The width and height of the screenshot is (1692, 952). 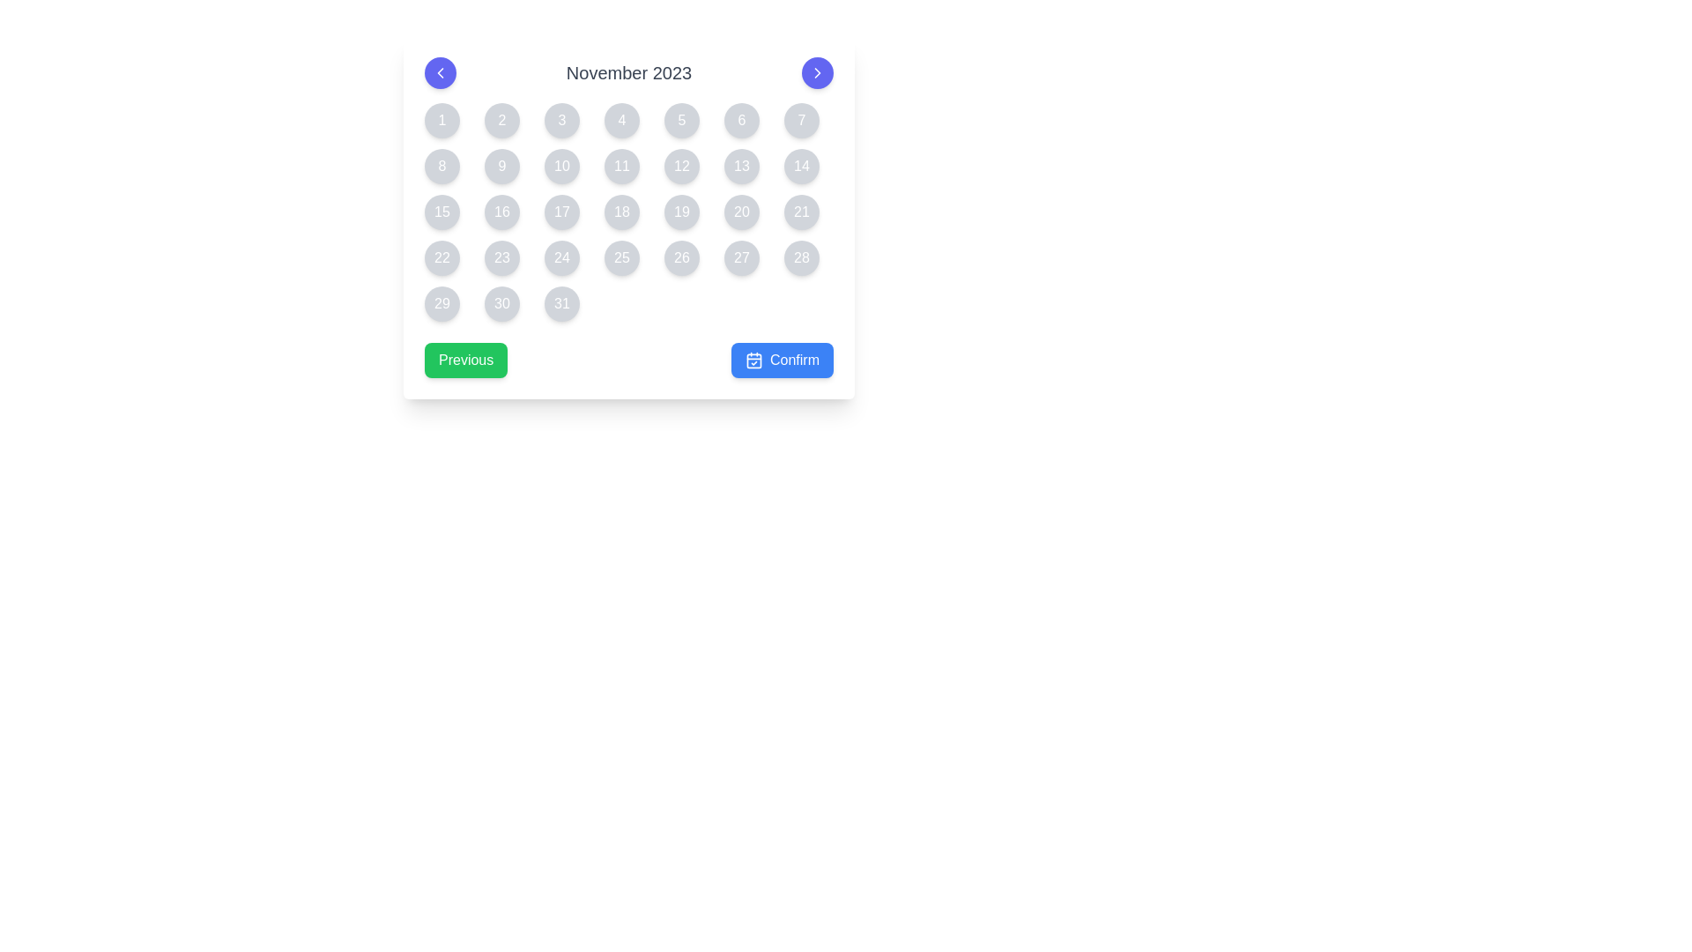 I want to click on the rounded button labeled '2' with a white number on a light gray background, so click(x=501, y=120).